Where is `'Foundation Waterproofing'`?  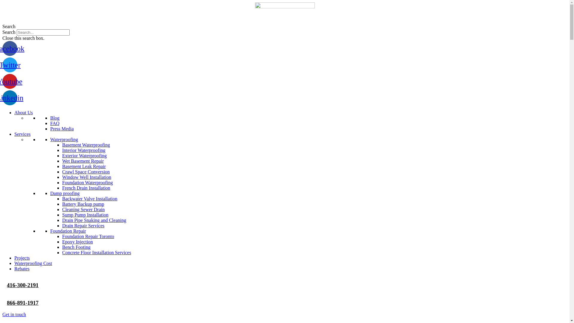
'Foundation Waterproofing' is located at coordinates (62, 182).